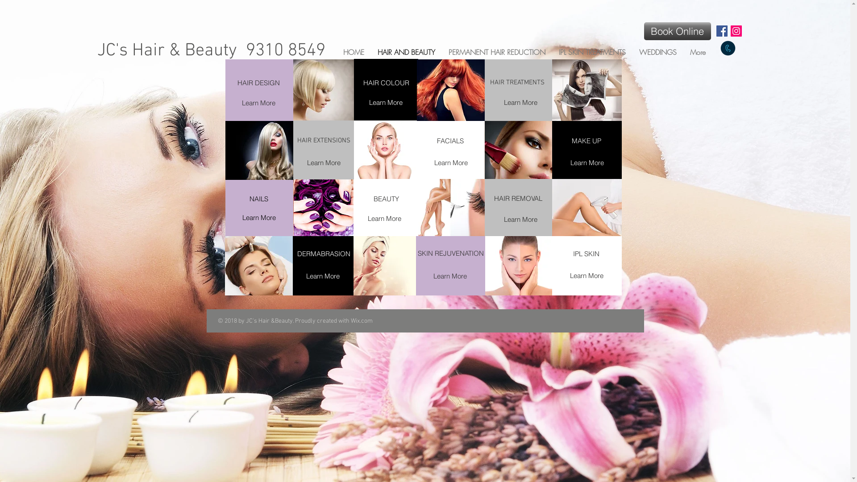 This screenshot has height=482, width=857. I want to click on 'Learn More', so click(385, 102).